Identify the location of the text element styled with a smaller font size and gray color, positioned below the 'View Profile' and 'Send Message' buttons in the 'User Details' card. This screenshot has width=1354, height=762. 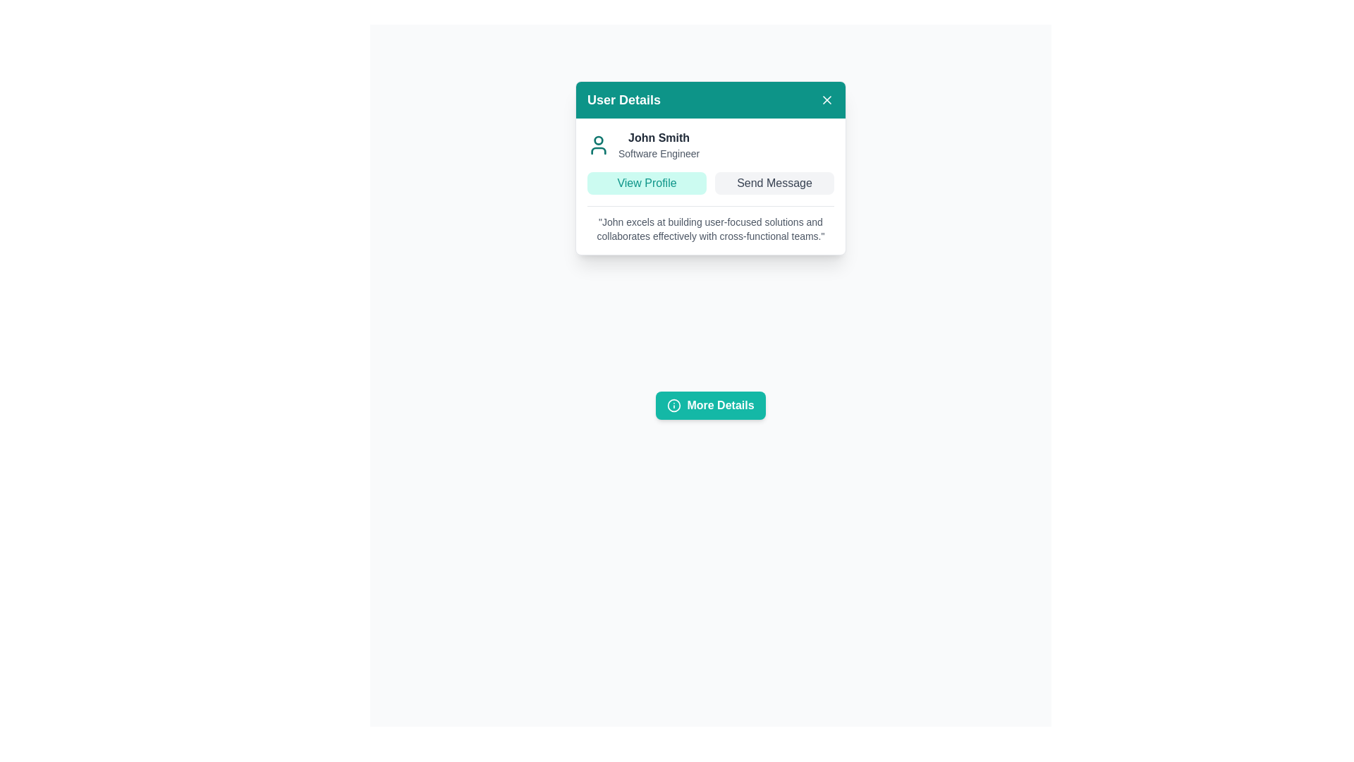
(711, 223).